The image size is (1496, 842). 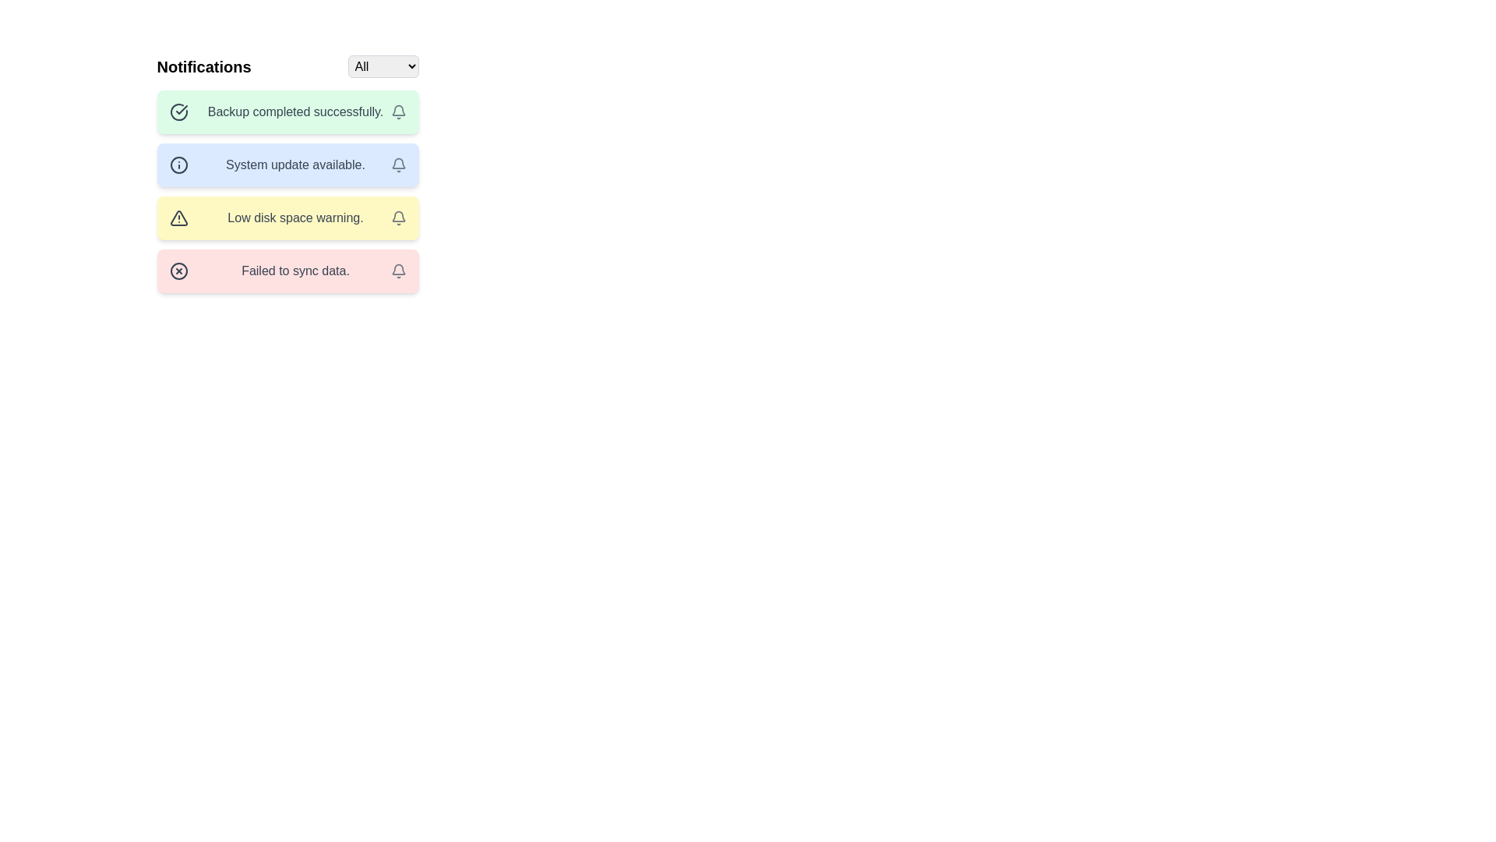 What do you see at coordinates (398, 111) in the screenshot?
I see `the notification button located at the right edge of the notification tile that contains the text 'Backup completed successfully.'` at bounding box center [398, 111].